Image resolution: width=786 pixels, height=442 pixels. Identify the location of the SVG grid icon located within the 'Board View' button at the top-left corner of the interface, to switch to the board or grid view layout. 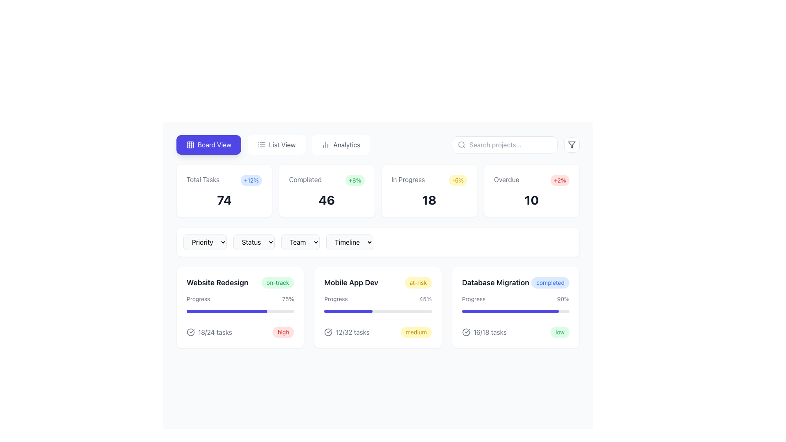
(190, 144).